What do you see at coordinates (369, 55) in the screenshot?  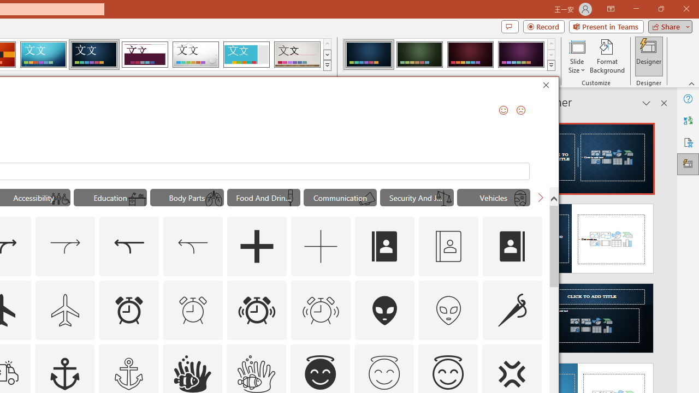 I see `'Damask Variant 1'` at bounding box center [369, 55].